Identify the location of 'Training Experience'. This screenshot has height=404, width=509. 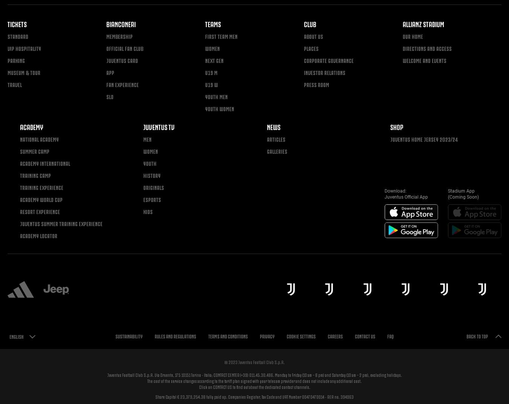
(19, 187).